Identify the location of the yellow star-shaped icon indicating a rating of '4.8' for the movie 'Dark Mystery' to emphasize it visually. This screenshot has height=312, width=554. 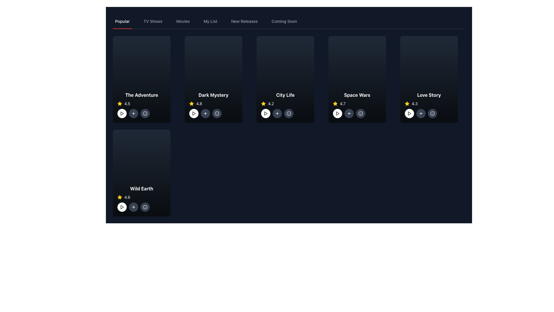
(191, 103).